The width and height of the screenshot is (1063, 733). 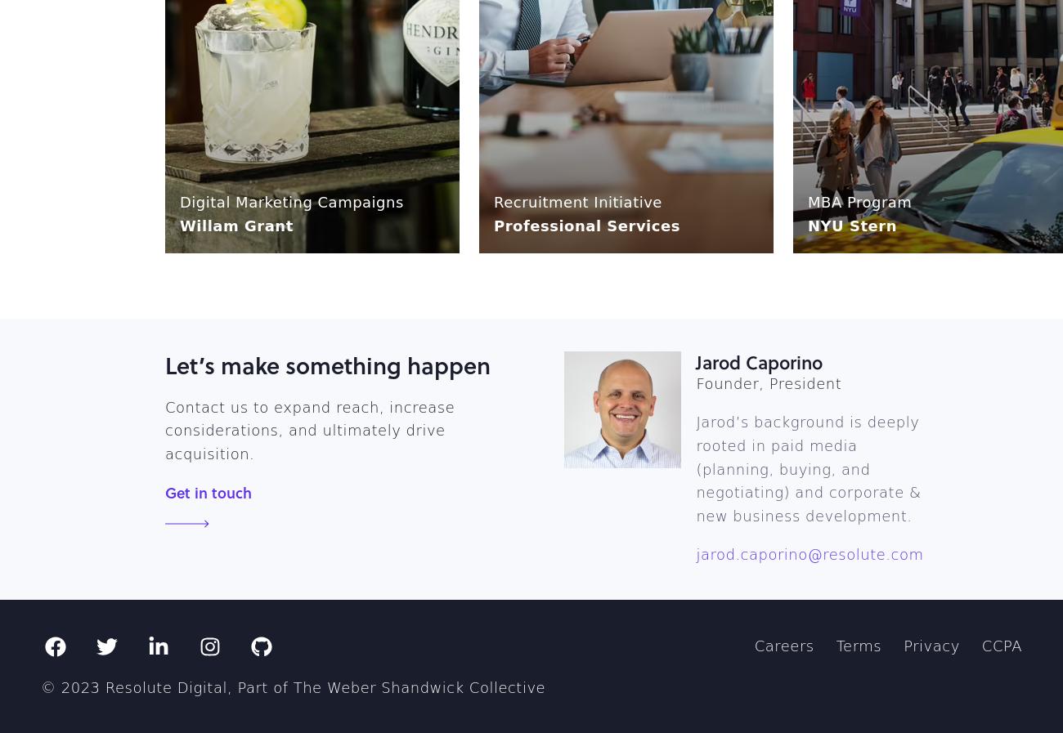 I want to click on 'Terms', so click(x=859, y=646).